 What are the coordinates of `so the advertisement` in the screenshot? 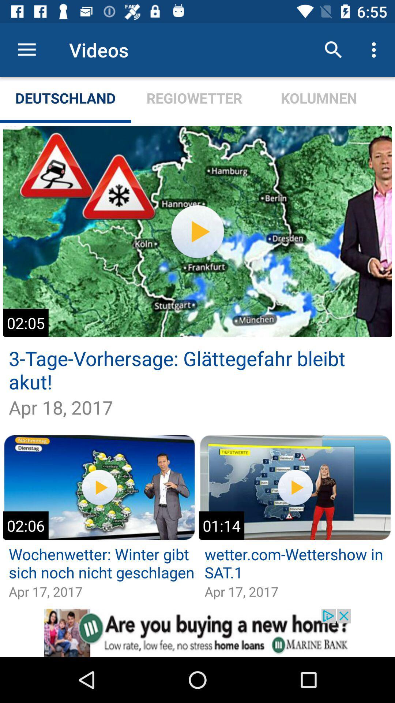 It's located at (197, 632).